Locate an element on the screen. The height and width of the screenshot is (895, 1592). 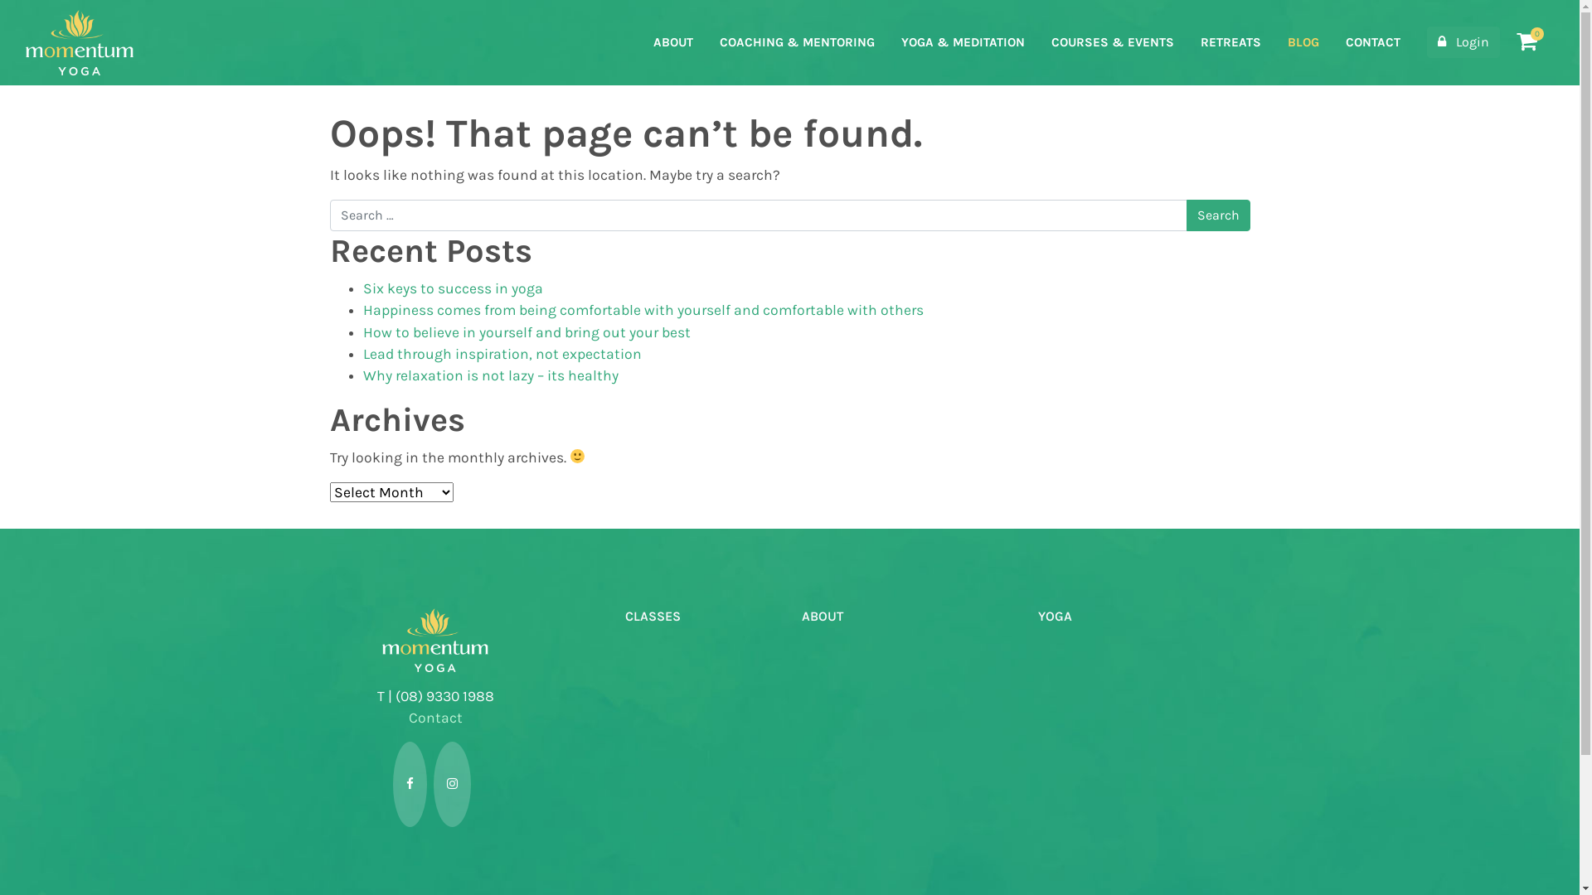
'RETREATS' is located at coordinates (1230, 41).